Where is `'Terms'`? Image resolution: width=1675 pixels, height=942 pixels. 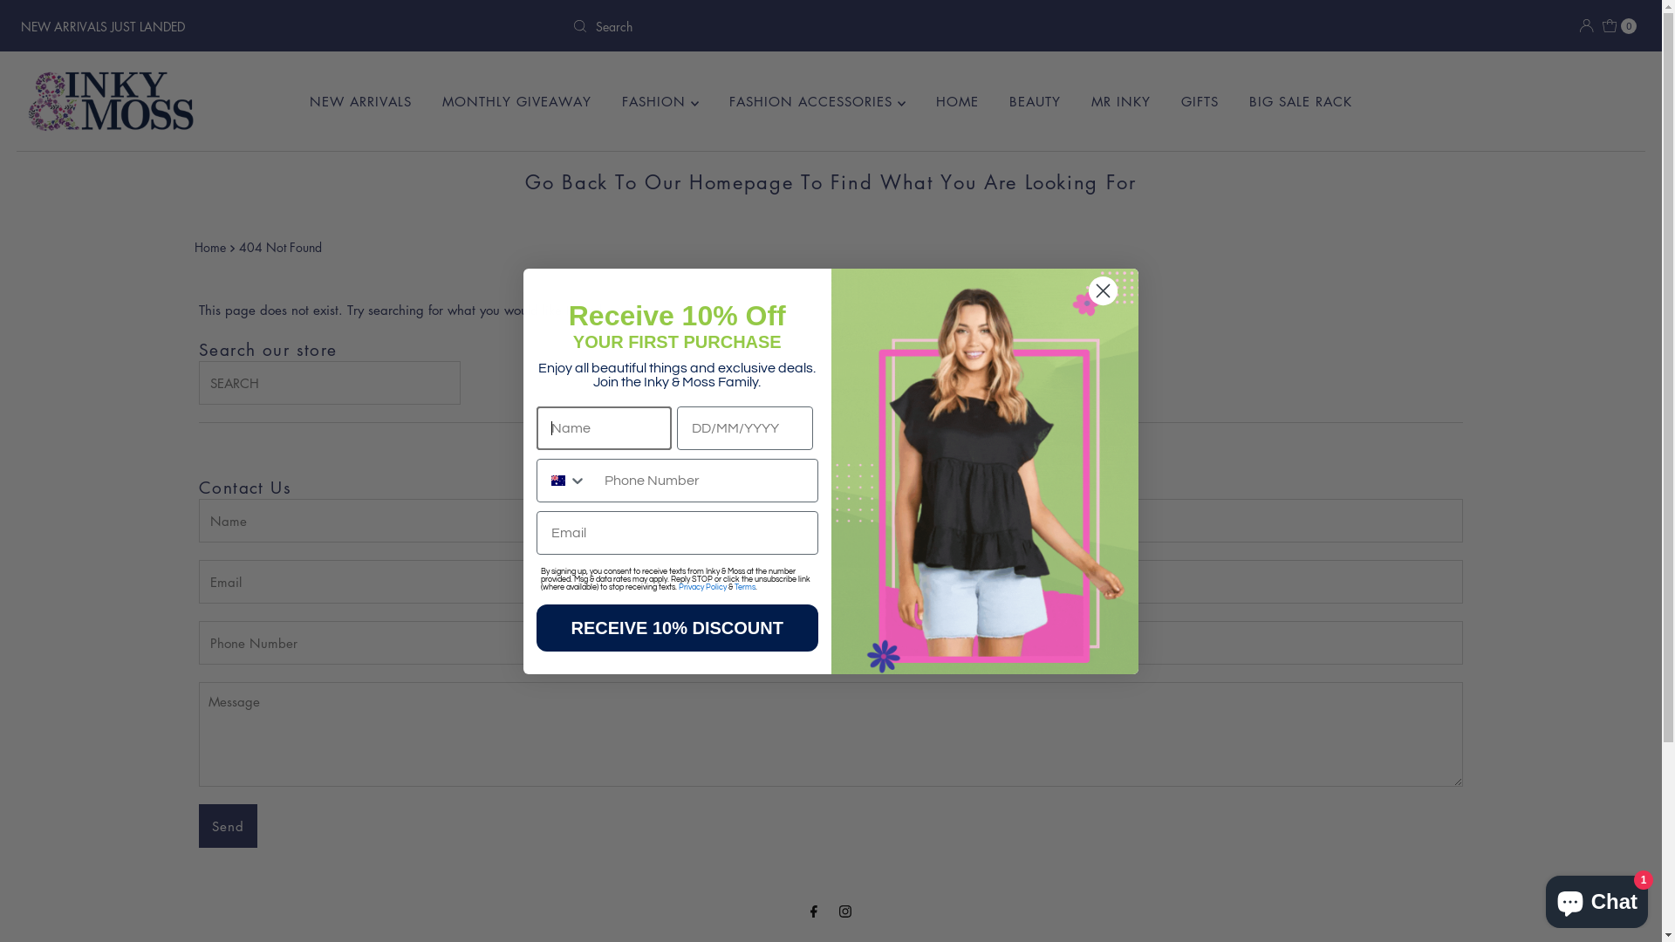
'Terms' is located at coordinates (745, 586).